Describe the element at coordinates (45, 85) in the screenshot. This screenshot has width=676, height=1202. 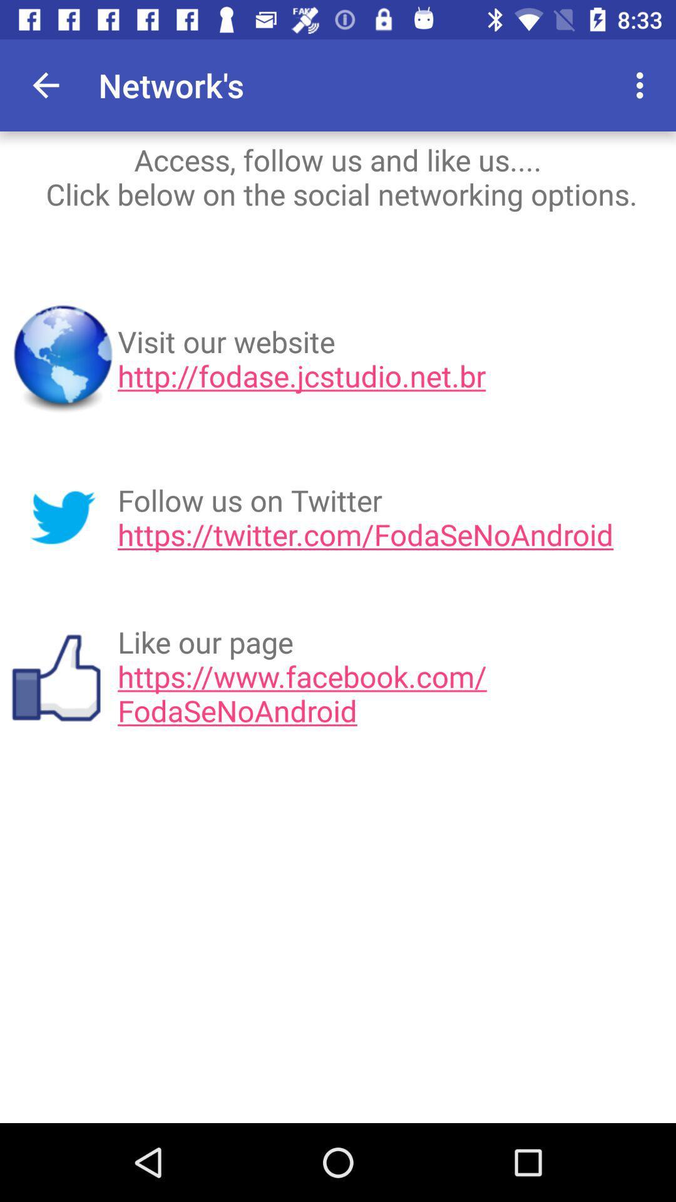
I see `item above the access follow us` at that location.